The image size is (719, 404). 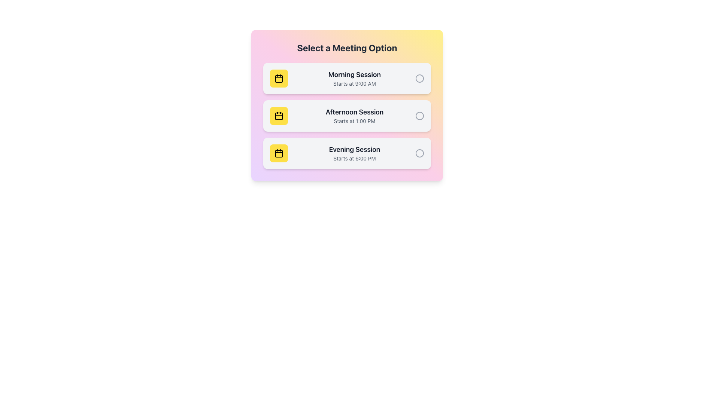 What do you see at coordinates (354, 116) in the screenshot?
I see `the Text Display element showing 'Afternoon Session' and 'Starts at 1:00 PM', positioned under 'Select a Meeting Option'` at bounding box center [354, 116].